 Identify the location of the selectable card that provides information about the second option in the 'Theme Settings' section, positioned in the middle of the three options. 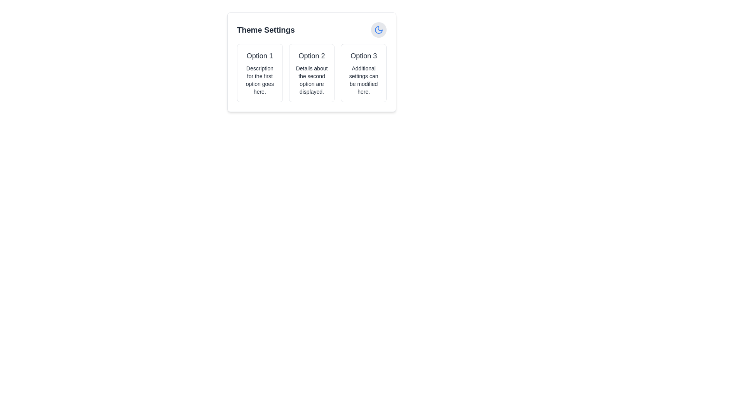
(312, 73).